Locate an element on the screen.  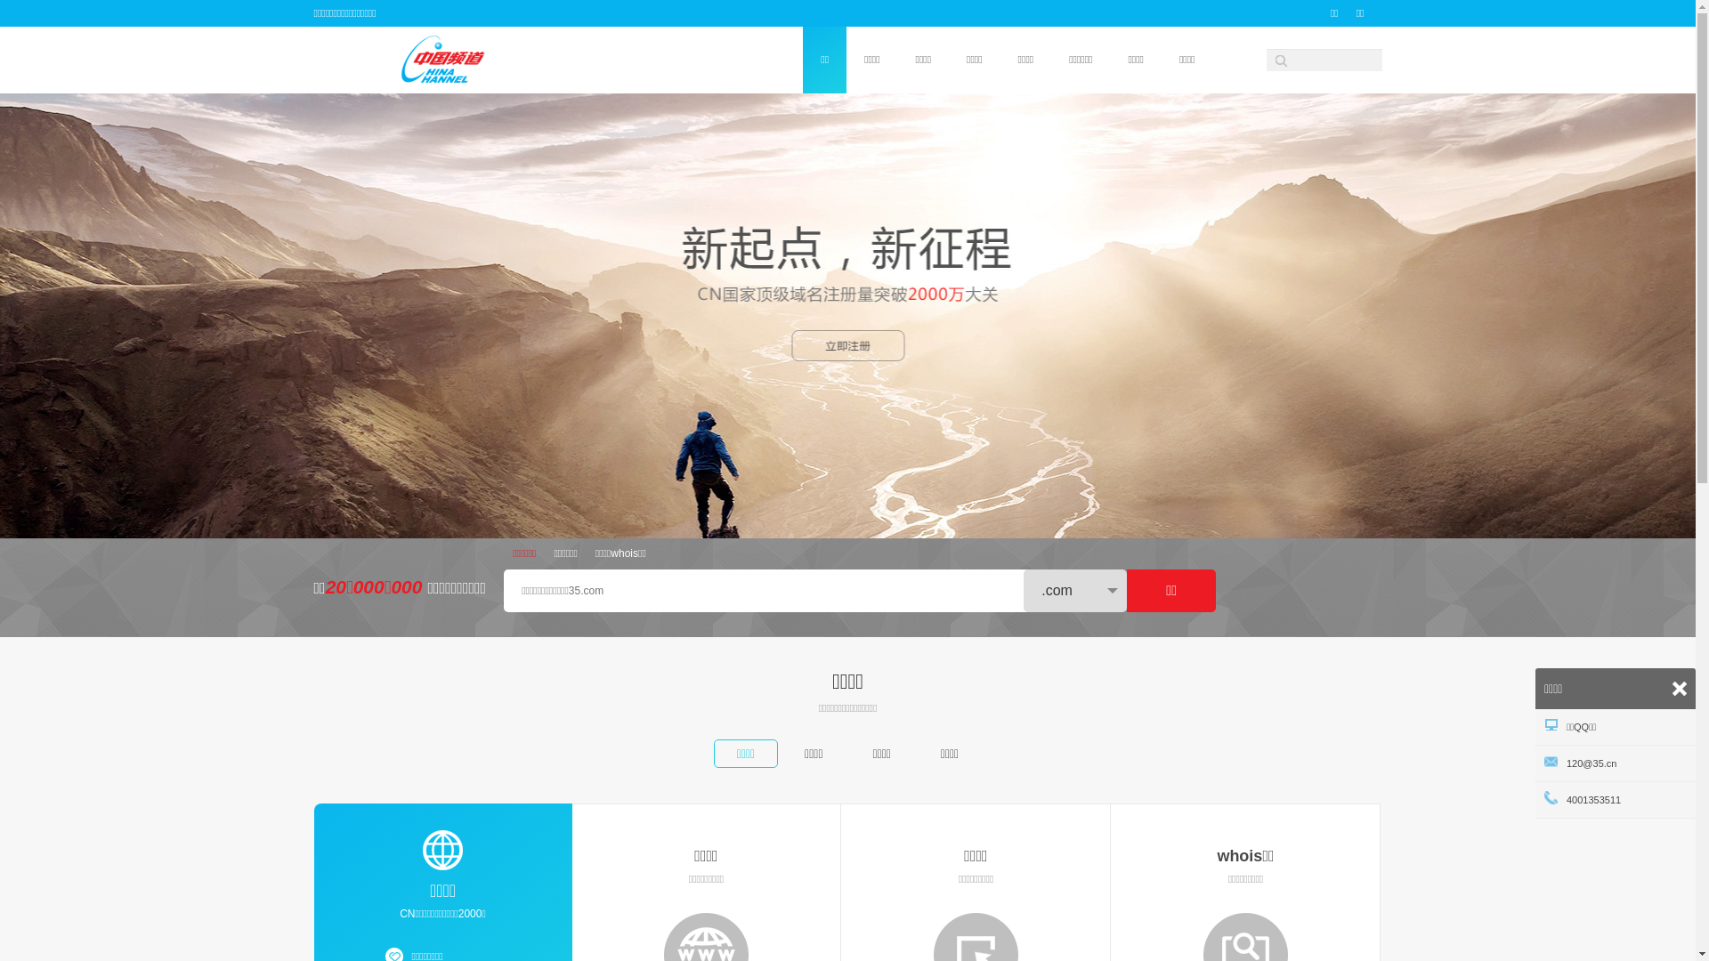
'4001353511' is located at coordinates (1615, 798).